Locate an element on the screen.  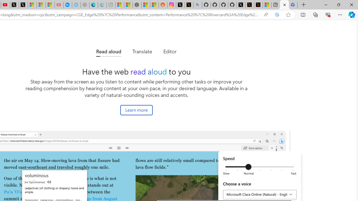
'Microsoft account | Microsoft Account Privacy Settings' is located at coordinates (119, 5).